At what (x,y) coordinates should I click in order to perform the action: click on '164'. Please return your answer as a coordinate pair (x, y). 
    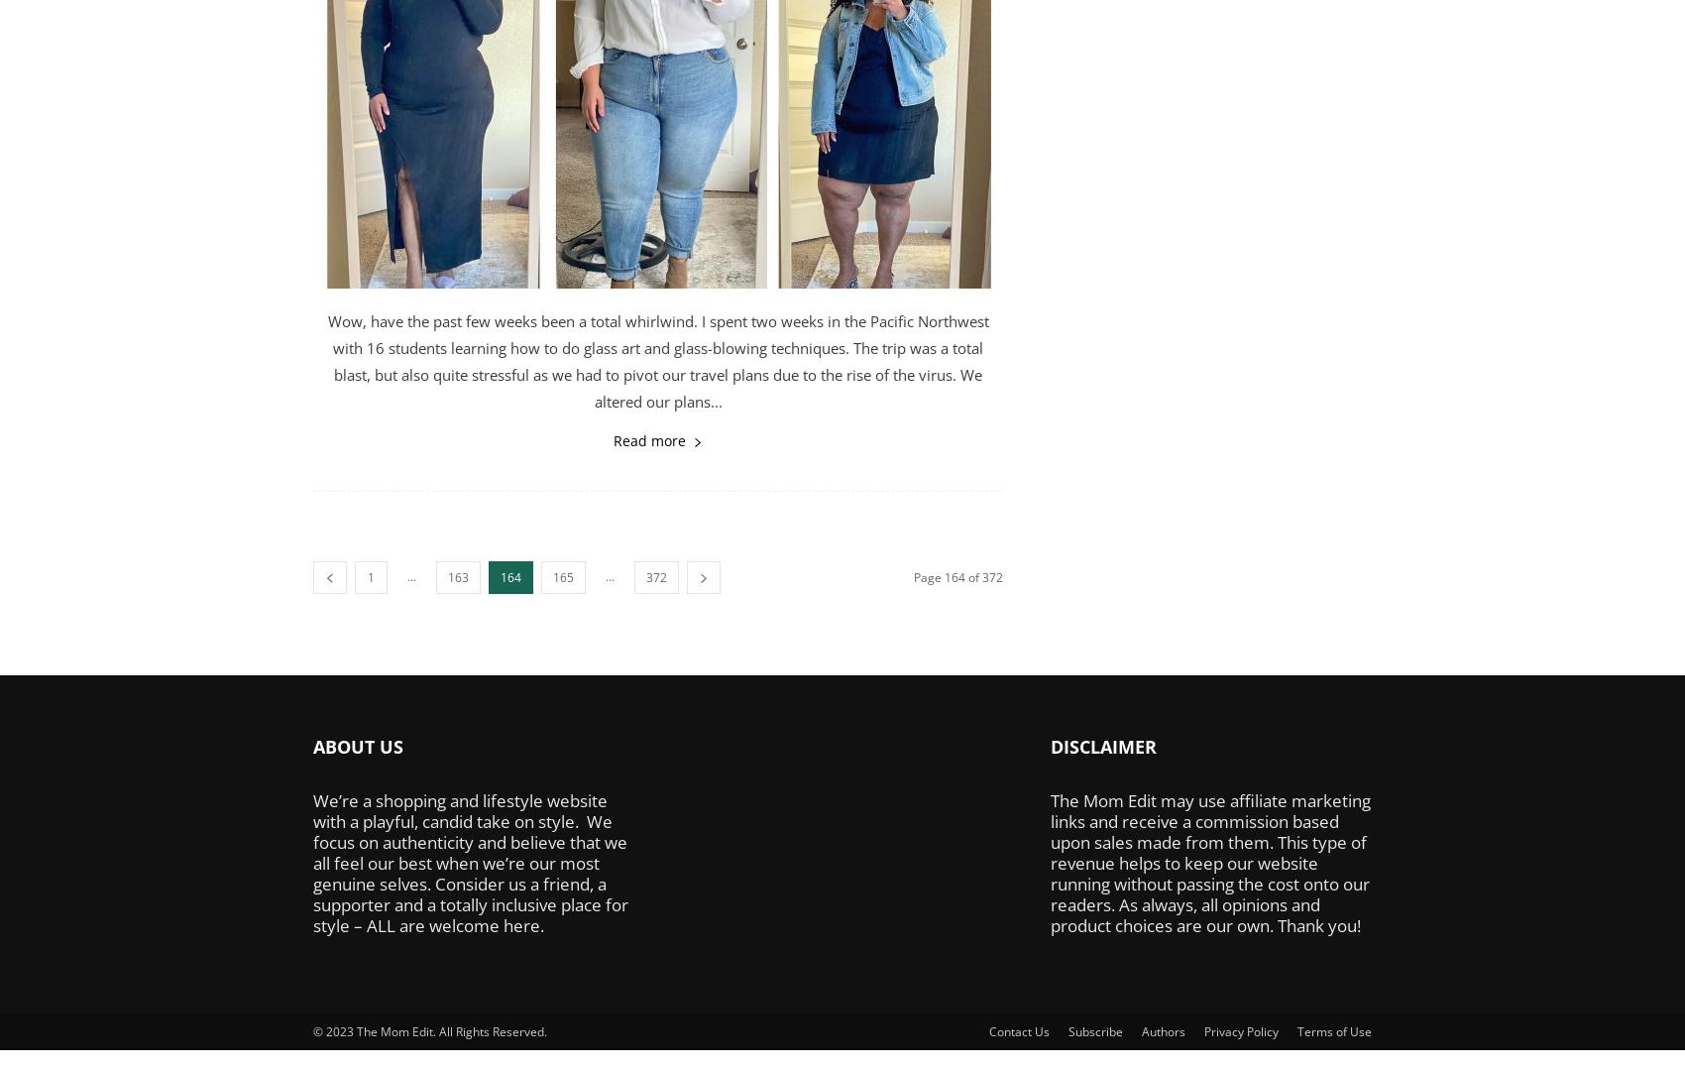
    Looking at the image, I should click on (510, 577).